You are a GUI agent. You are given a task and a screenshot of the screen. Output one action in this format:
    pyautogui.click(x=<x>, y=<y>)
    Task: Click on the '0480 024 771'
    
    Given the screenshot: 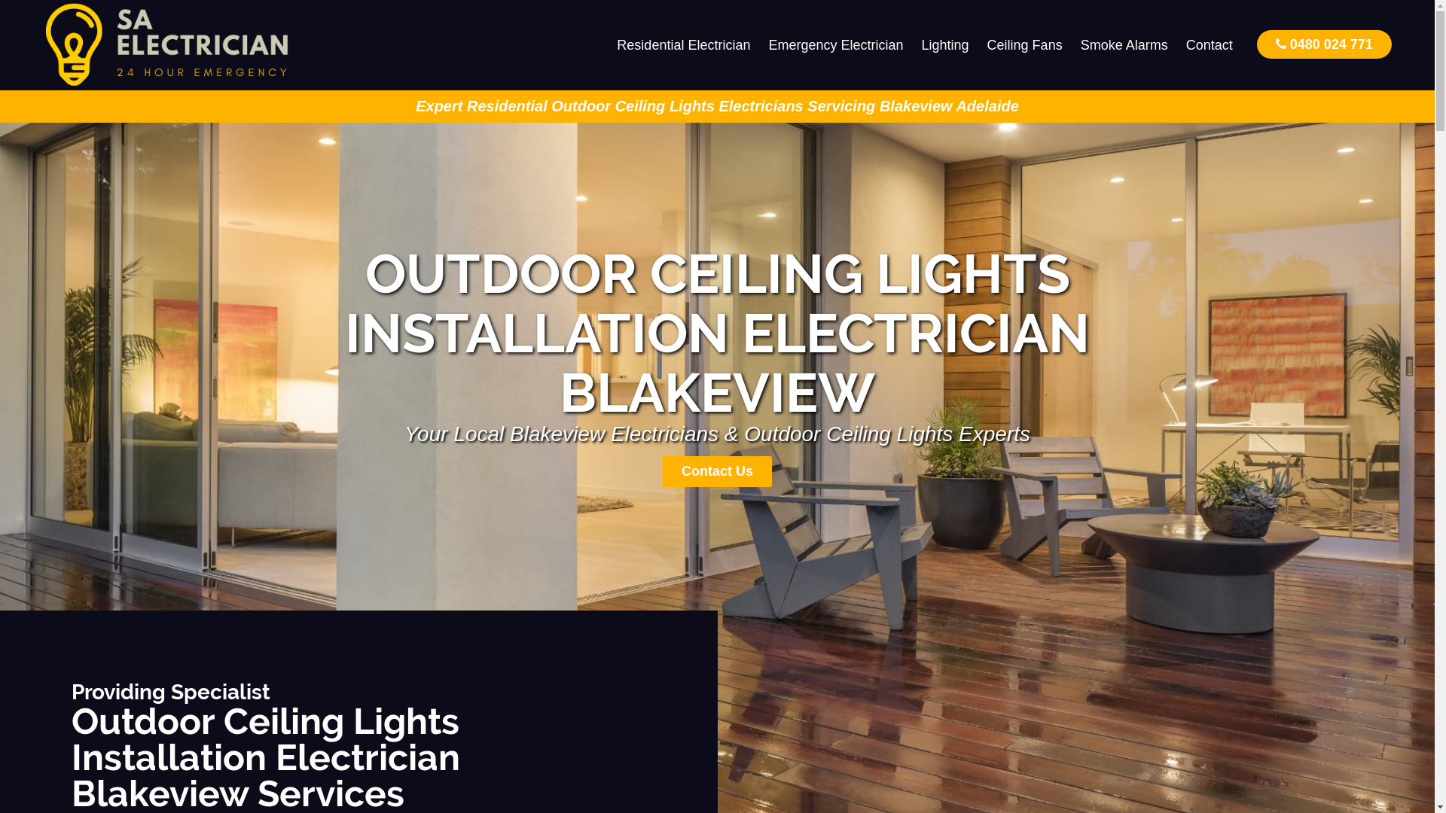 What is the action you would take?
    pyautogui.click(x=1257, y=43)
    